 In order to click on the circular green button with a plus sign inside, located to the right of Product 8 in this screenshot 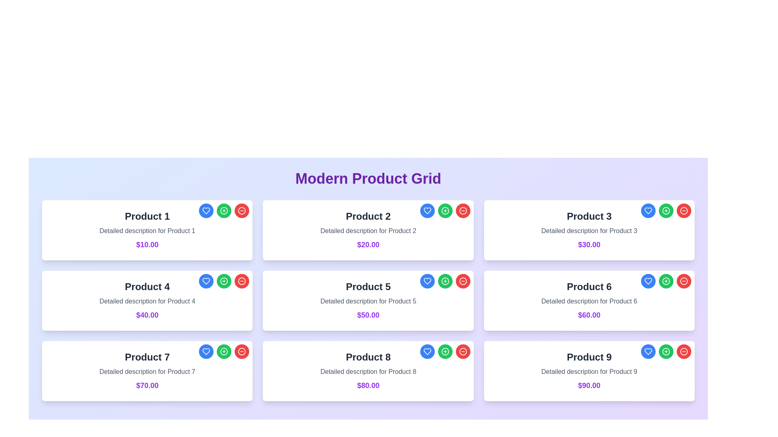, I will do `click(445, 351)`.